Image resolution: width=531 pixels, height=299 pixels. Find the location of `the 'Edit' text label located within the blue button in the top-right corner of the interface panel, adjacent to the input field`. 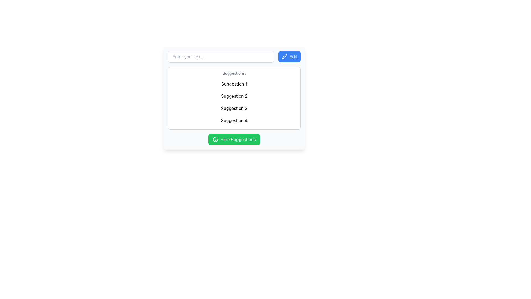

the 'Edit' text label located within the blue button in the top-right corner of the interface panel, adjacent to the input field is located at coordinates (293, 56).